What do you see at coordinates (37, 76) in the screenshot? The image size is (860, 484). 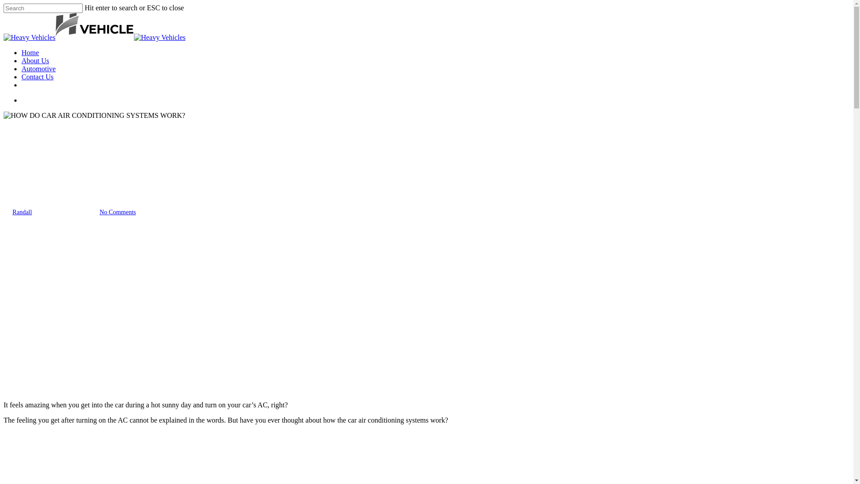 I see `'Contact Us'` at bounding box center [37, 76].